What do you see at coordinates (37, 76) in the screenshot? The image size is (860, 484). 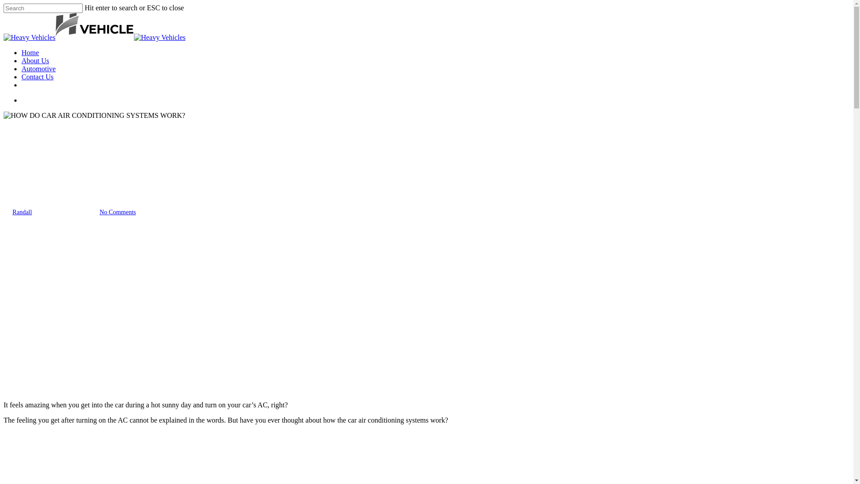 I see `'Contact Us'` at bounding box center [37, 76].